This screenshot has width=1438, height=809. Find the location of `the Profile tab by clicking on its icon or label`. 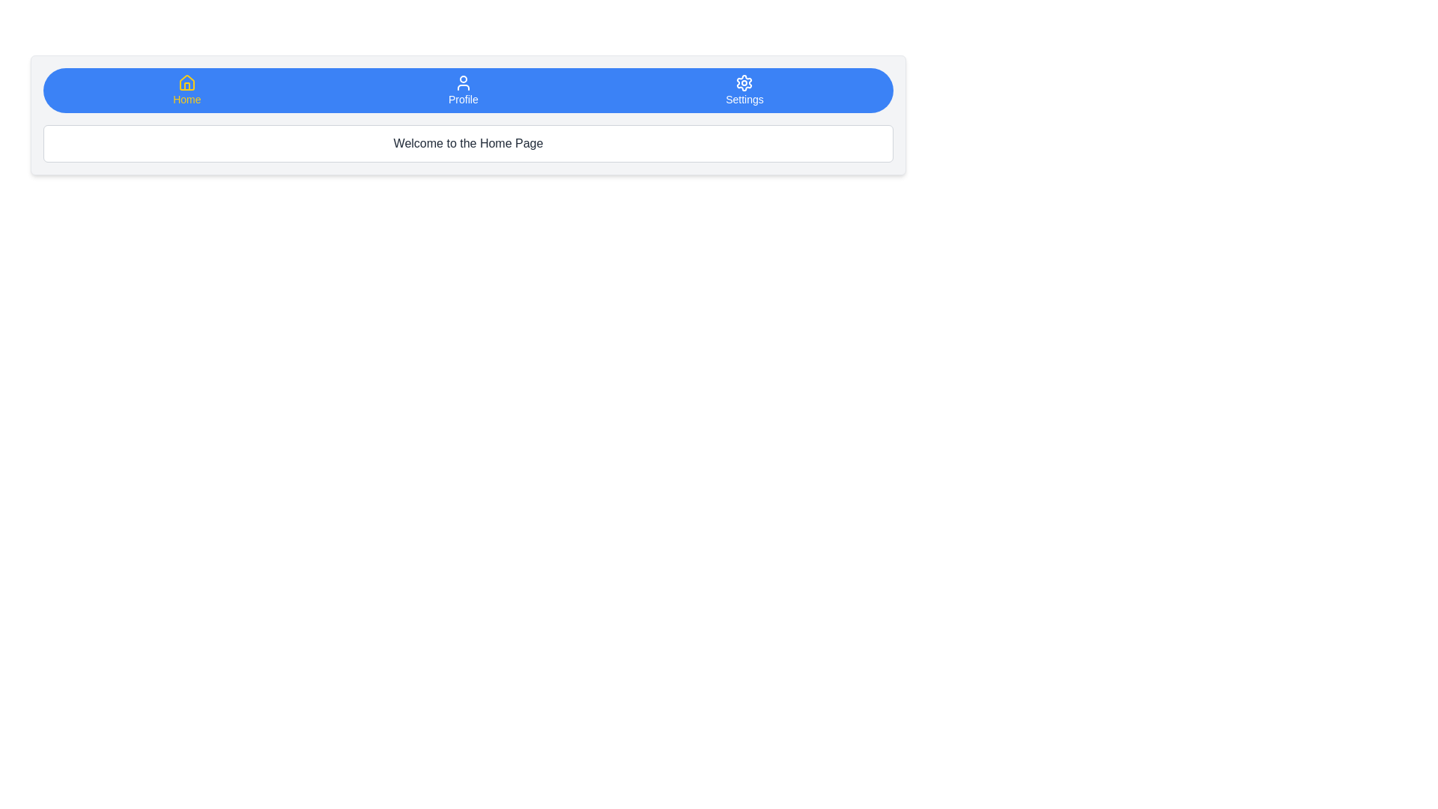

the Profile tab by clicking on its icon or label is located at coordinates (462, 90).